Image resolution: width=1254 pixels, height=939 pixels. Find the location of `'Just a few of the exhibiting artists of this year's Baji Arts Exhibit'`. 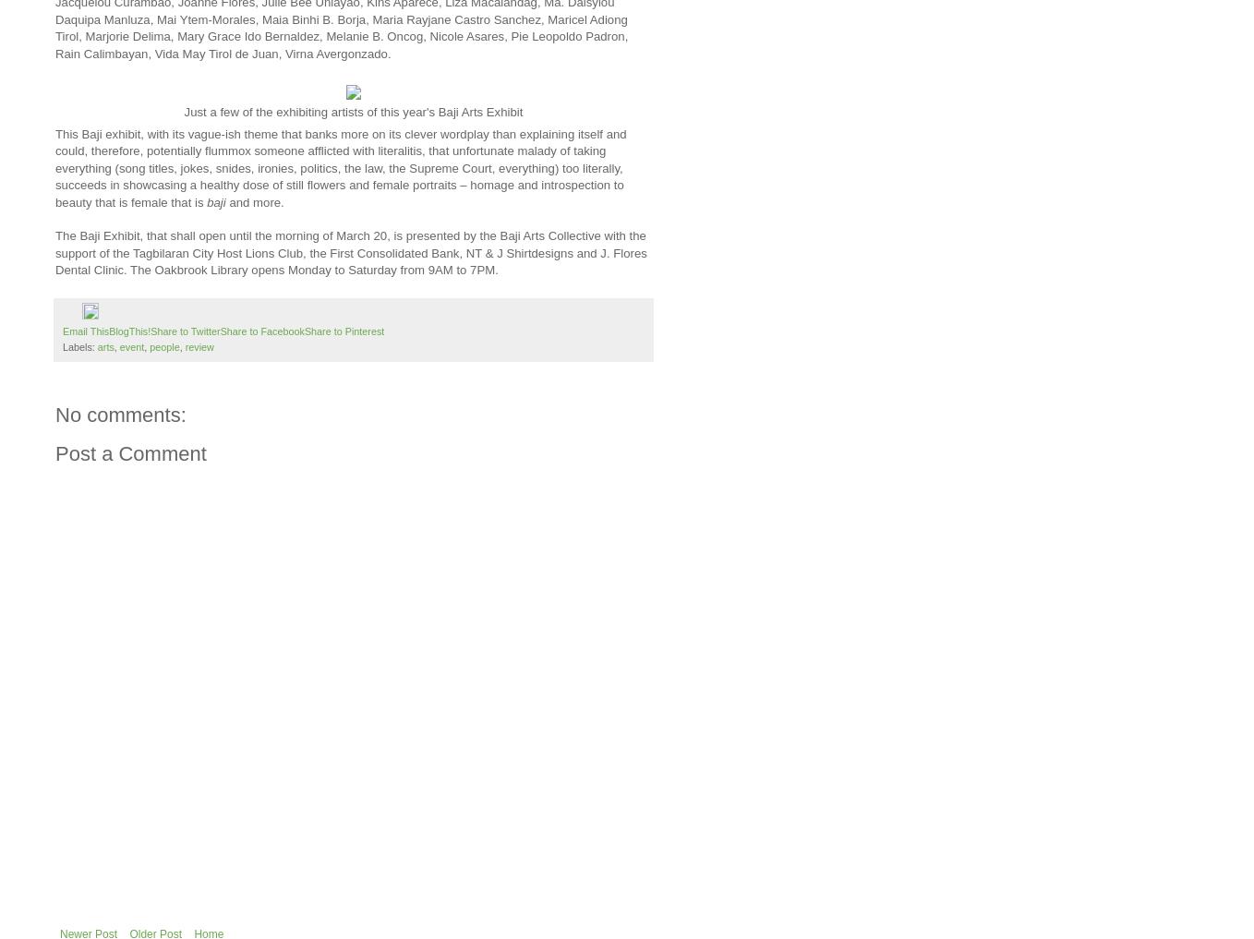

'Just a few of the exhibiting artists of this year's Baji Arts Exhibit' is located at coordinates (182, 111).